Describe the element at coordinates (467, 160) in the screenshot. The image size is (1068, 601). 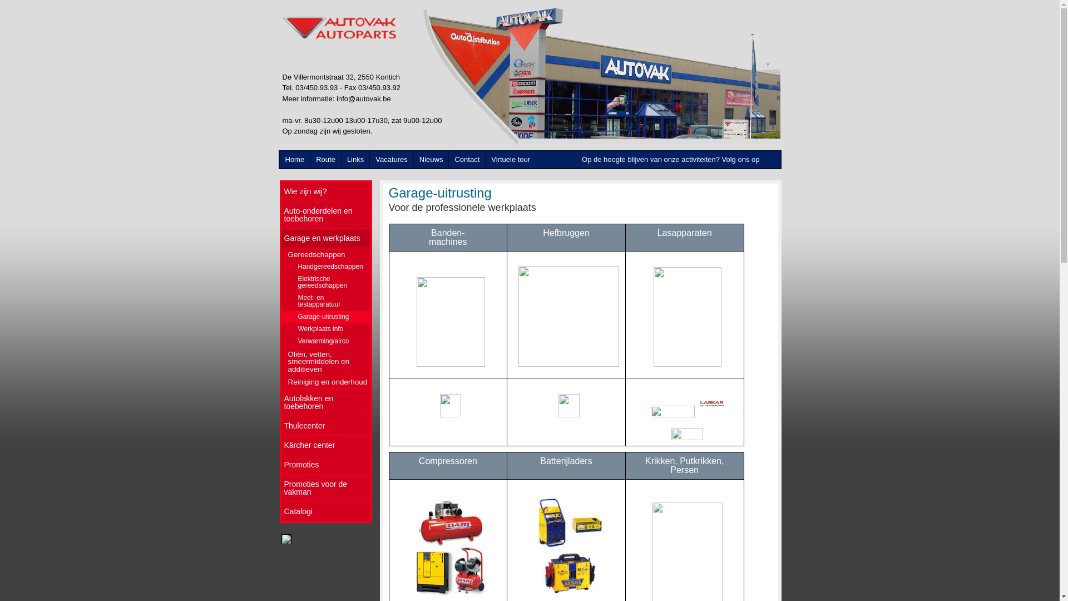
I see `'Contact'` at that location.